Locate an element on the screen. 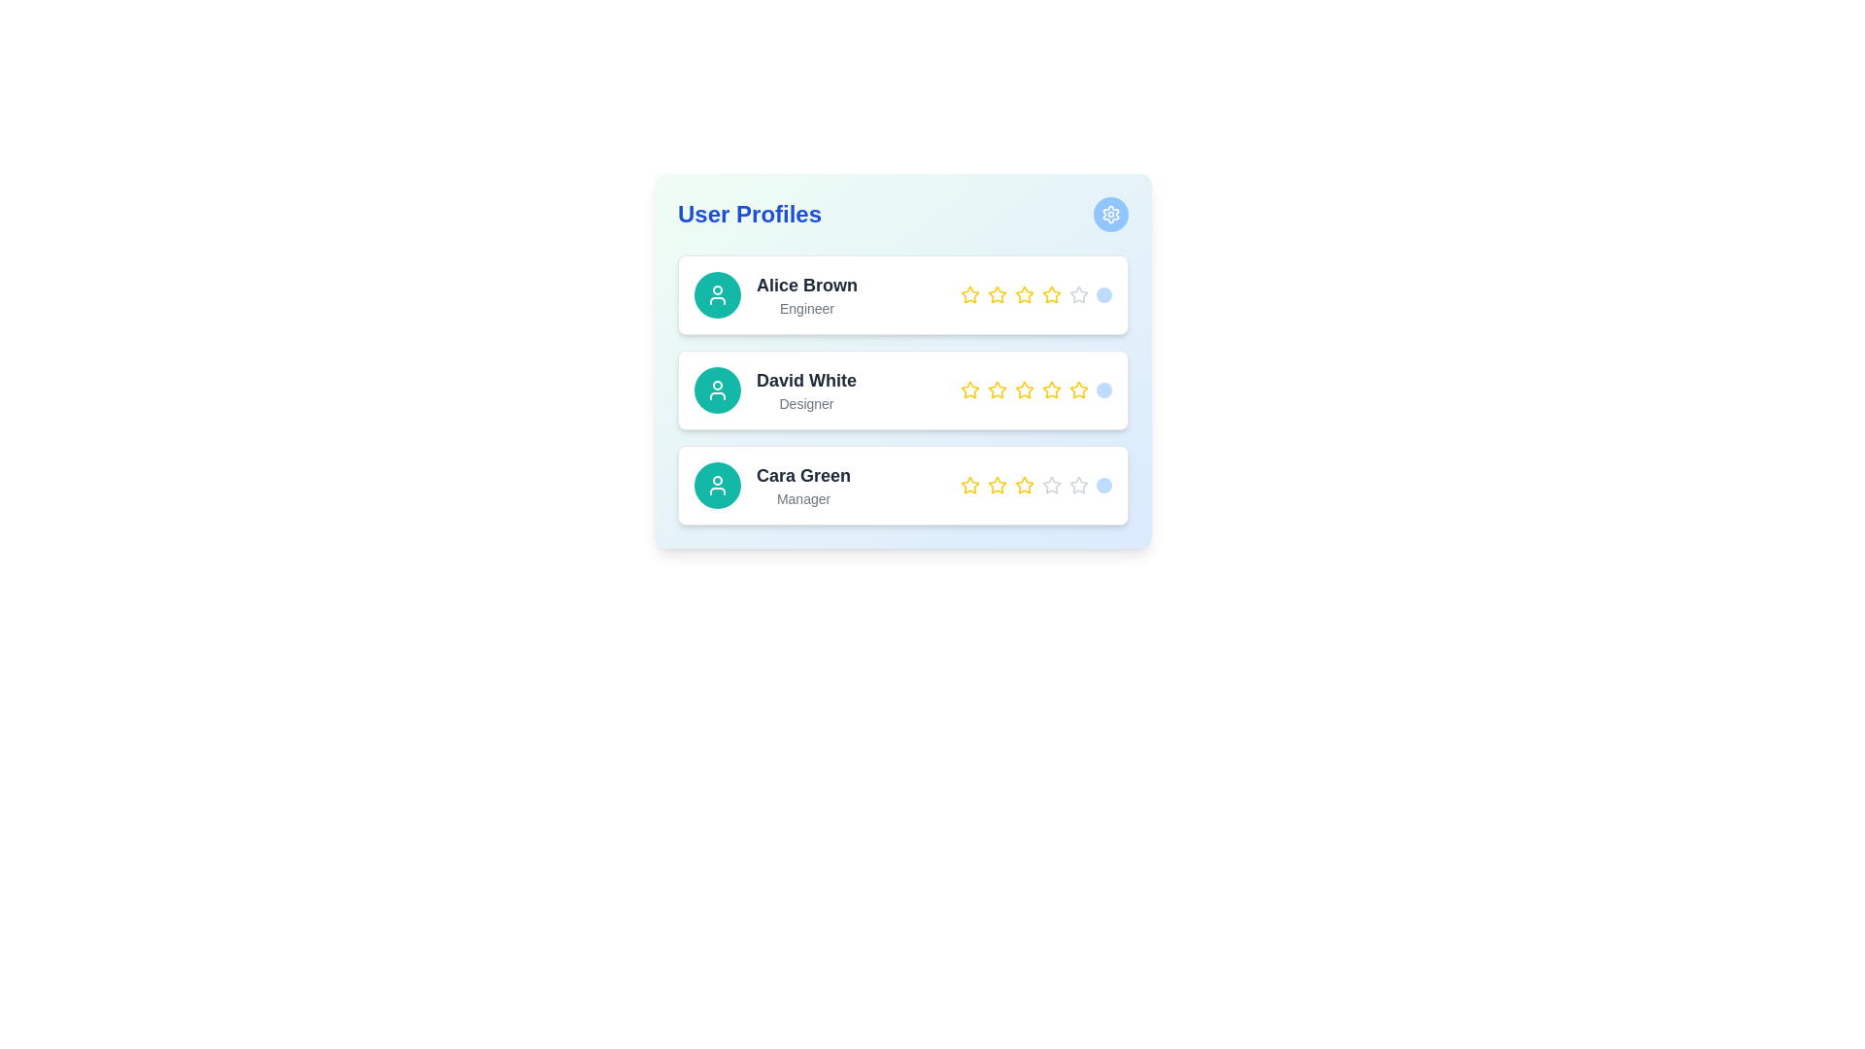  the second profile in the user profile list, which represents a user profile with their name and title for identification is located at coordinates (774, 389).